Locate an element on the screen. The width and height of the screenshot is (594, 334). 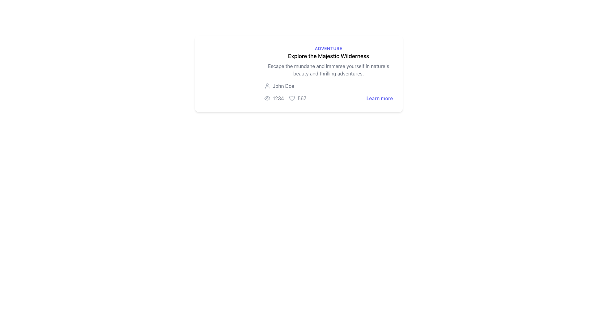
the user profile icon, which is a gray circular head connected to a semi-oval base, located to the left of the text 'John Doe' in a metadata section is located at coordinates (267, 86).